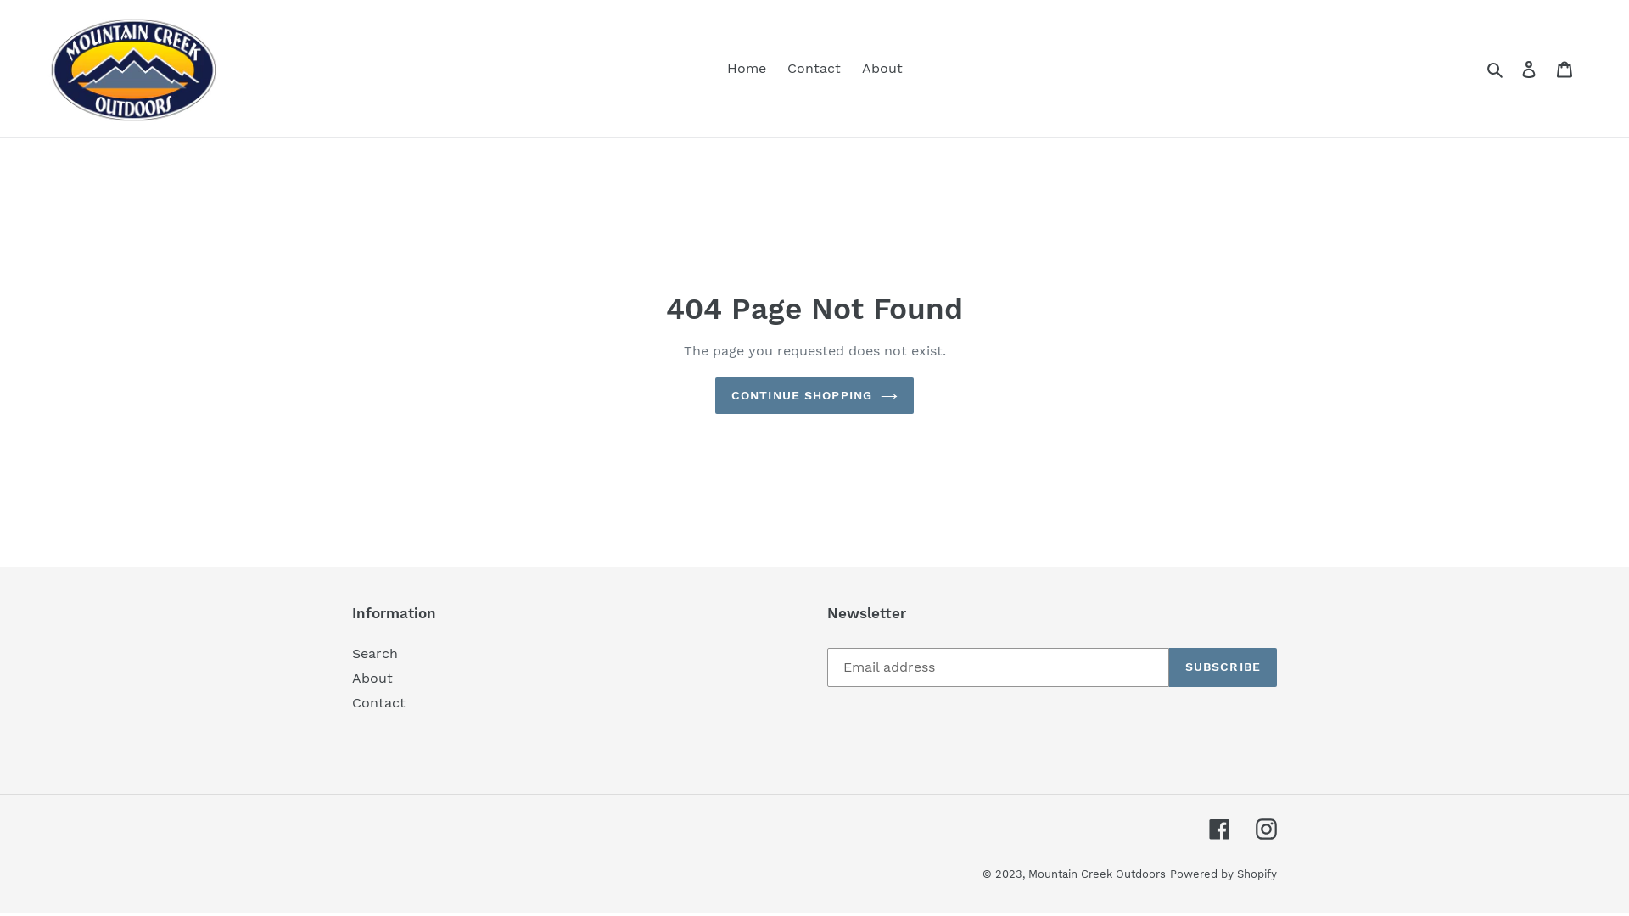 The image size is (1629, 916). What do you see at coordinates (1223, 666) in the screenshot?
I see `'SUBSCRIBE'` at bounding box center [1223, 666].